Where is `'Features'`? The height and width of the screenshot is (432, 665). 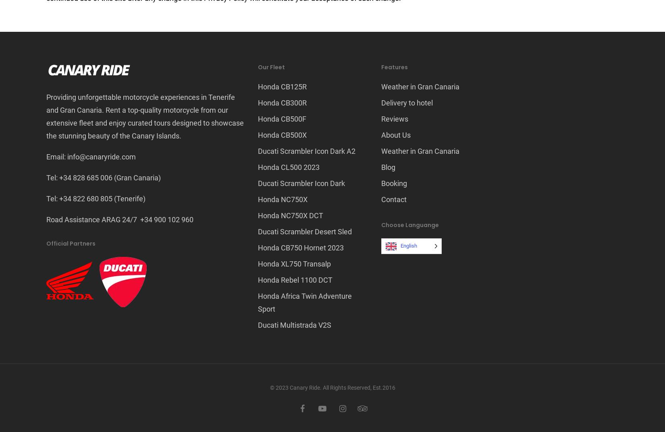
'Features' is located at coordinates (394, 66).